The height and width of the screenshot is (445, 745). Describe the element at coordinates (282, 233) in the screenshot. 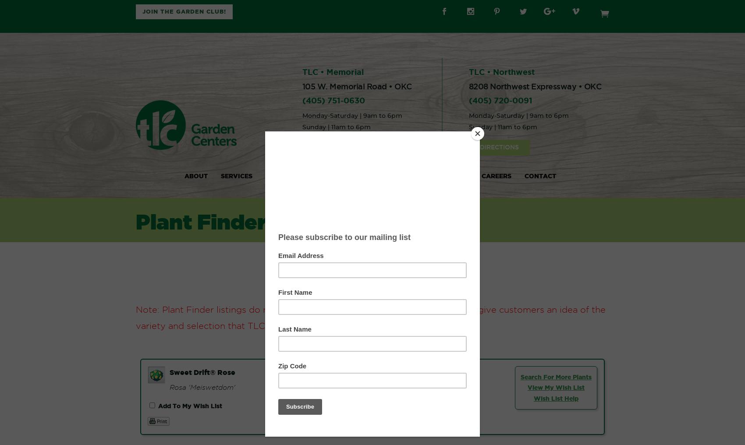

I see `'Trees'` at that location.